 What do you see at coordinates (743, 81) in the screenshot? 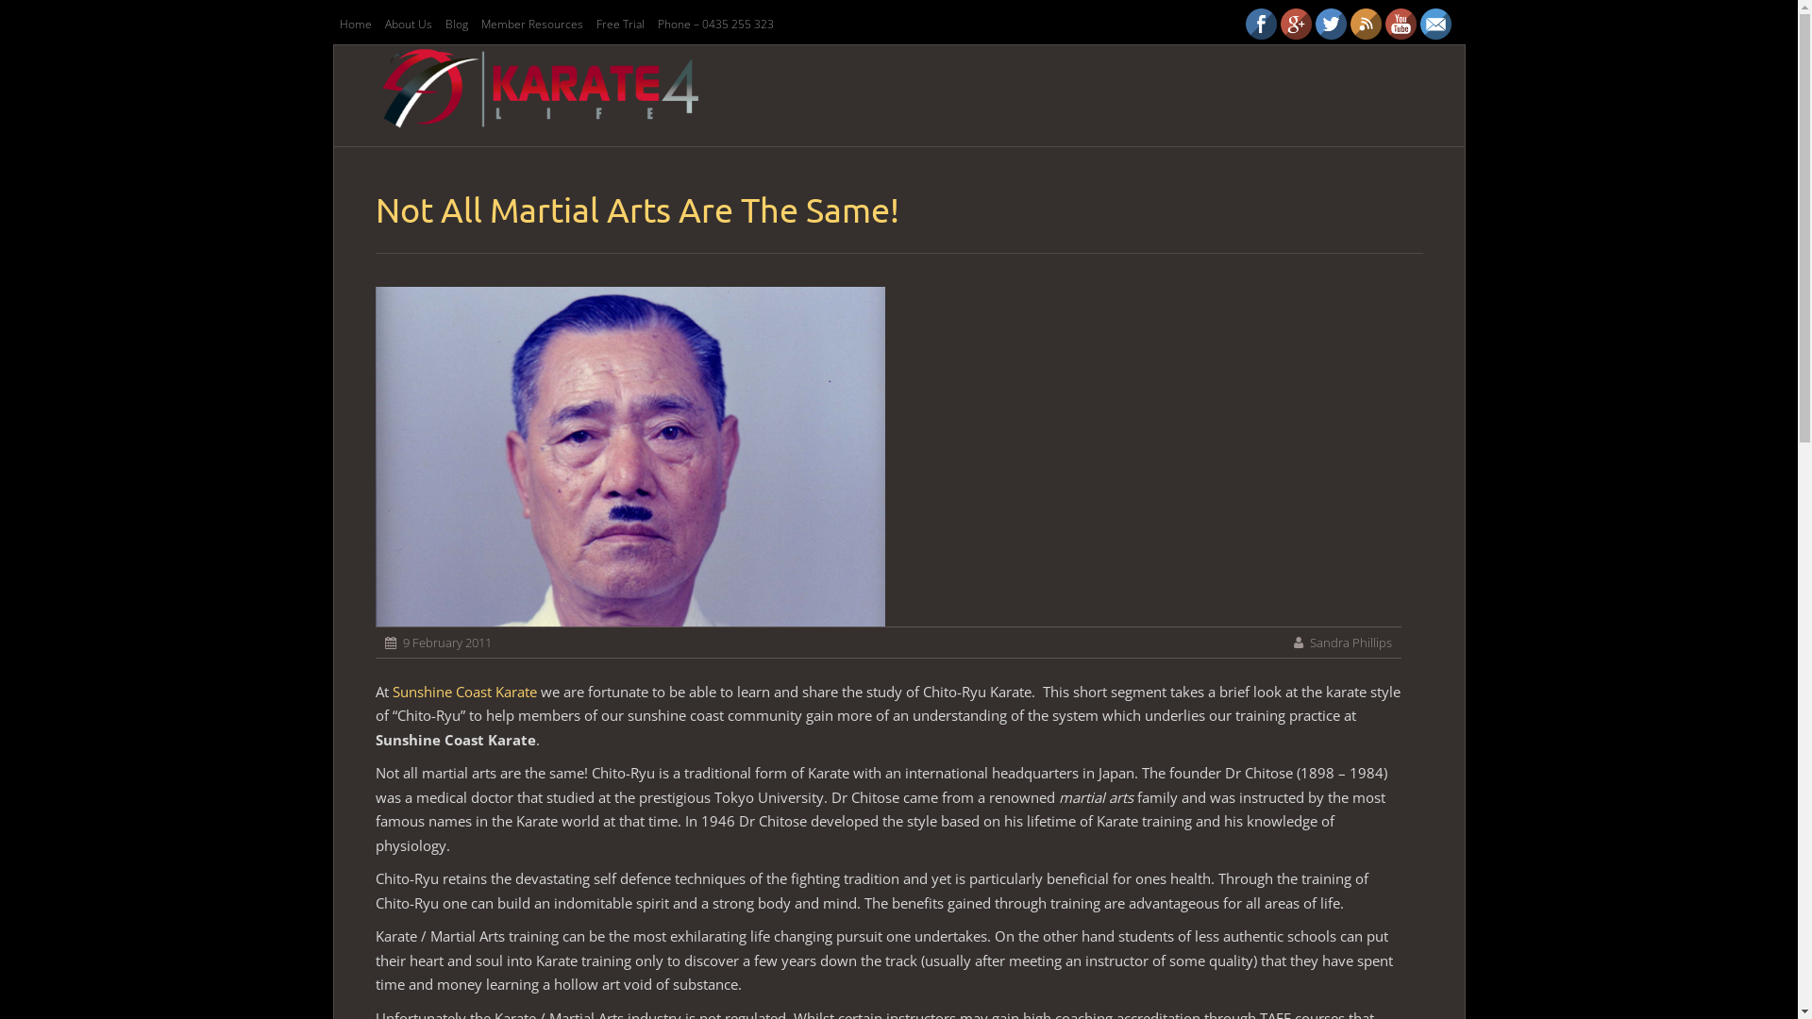
I see `'Skip to content'` at bounding box center [743, 81].